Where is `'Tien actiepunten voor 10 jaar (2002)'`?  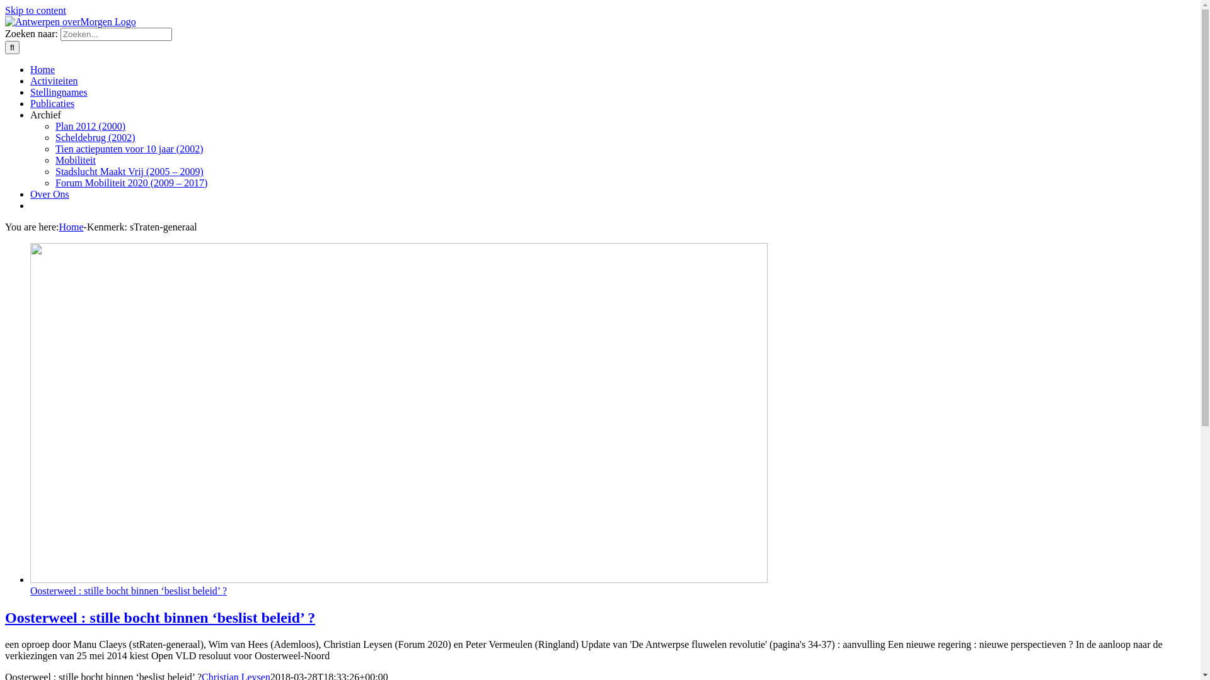 'Tien actiepunten voor 10 jaar (2002)' is located at coordinates (129, 148).